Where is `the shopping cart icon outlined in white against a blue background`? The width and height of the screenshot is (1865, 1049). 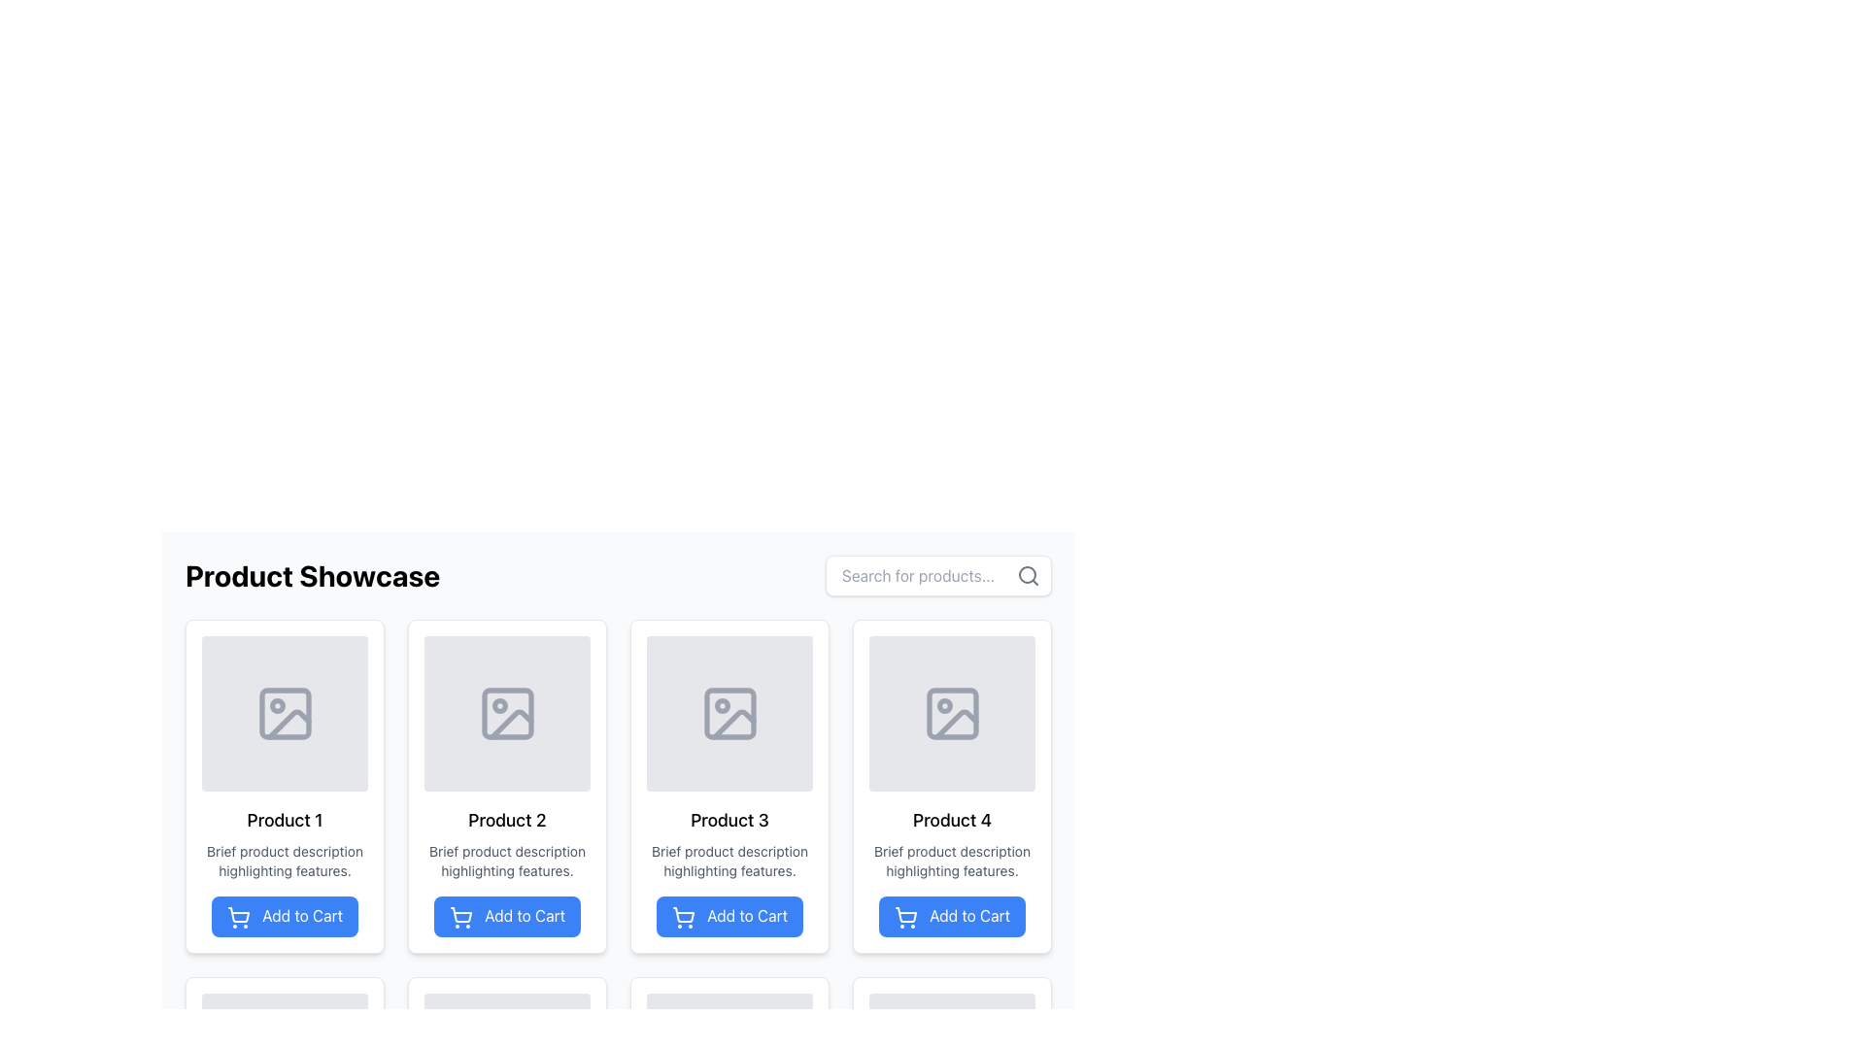
the shopping cart icon outlined in white against a blue background is located at coordinates (459, 917).